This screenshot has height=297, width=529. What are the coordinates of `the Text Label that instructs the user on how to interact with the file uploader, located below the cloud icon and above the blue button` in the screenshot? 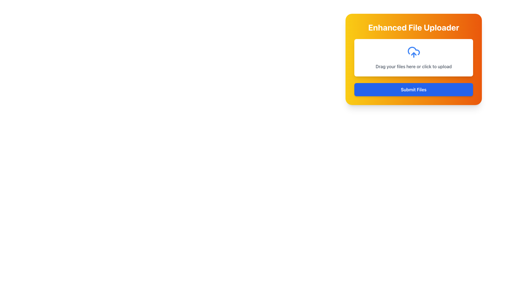 It's located at (414, 66).